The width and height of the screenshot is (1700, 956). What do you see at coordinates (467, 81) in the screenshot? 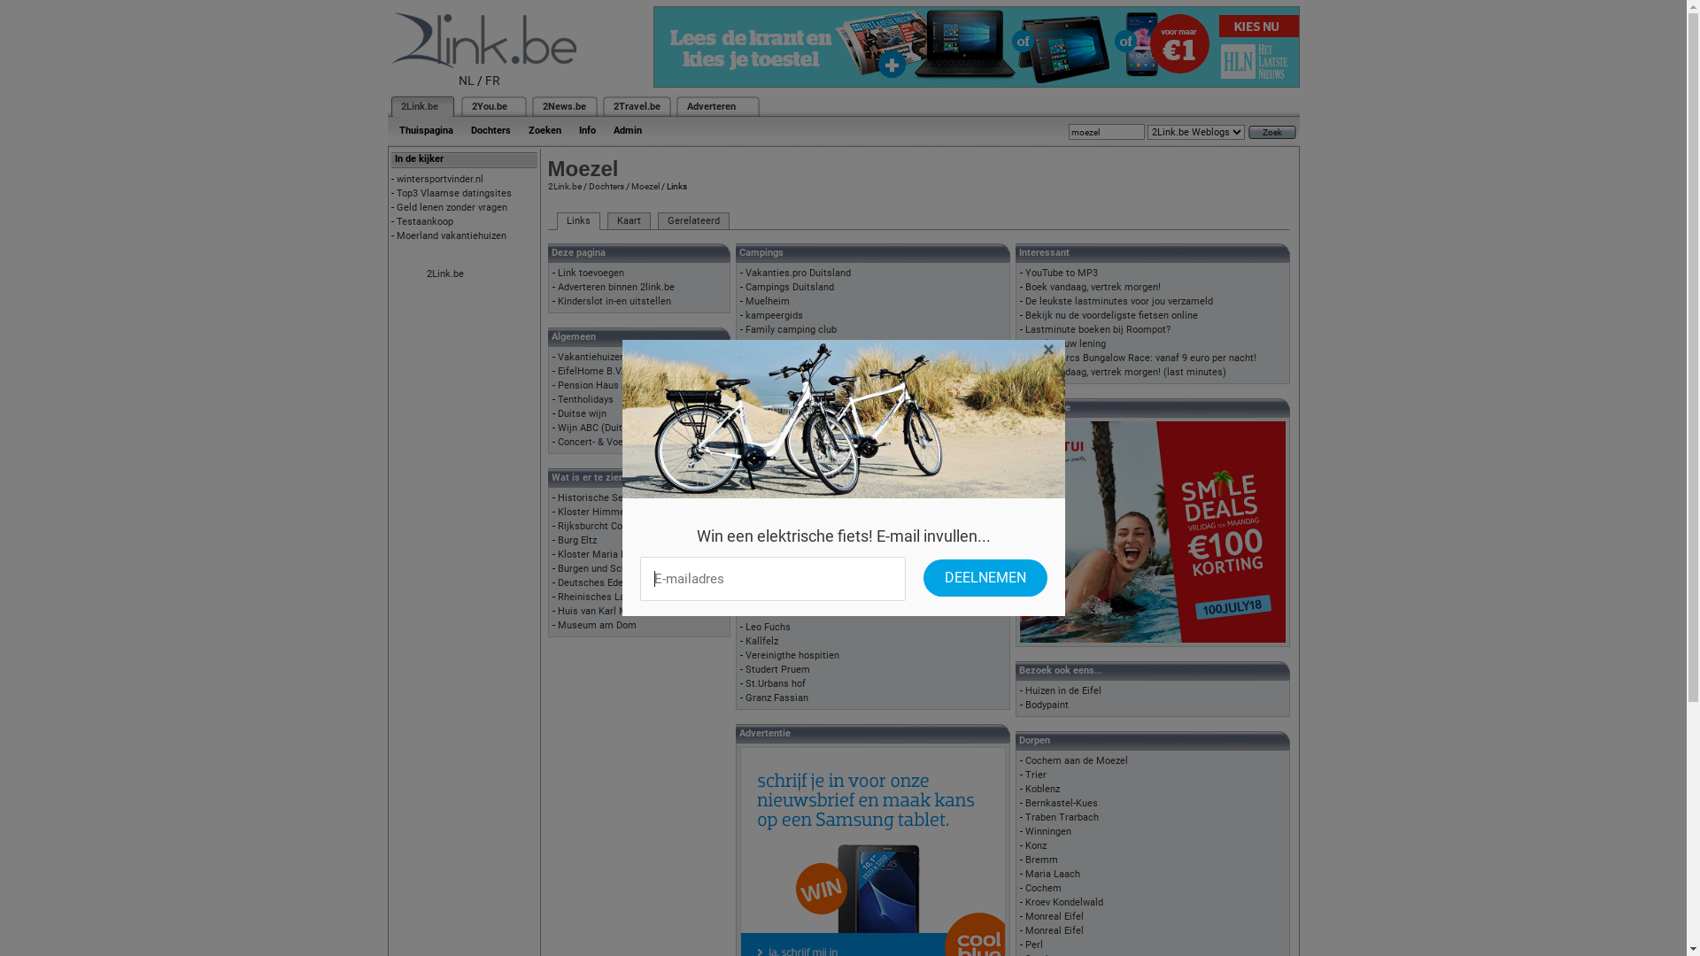
I see `'NL'` at bounding box center [467, 81].